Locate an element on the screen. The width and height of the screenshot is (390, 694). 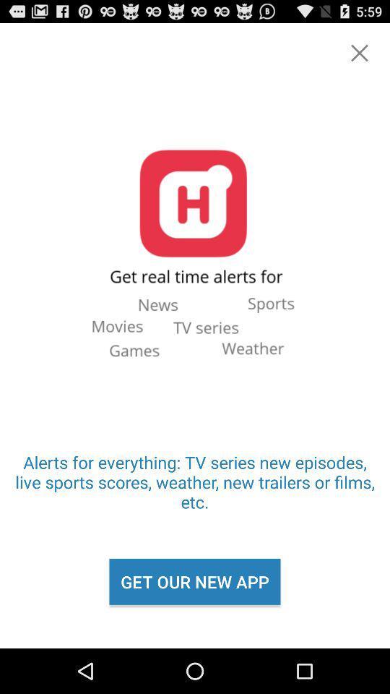
exit the page is located at coordinates (358, 53).